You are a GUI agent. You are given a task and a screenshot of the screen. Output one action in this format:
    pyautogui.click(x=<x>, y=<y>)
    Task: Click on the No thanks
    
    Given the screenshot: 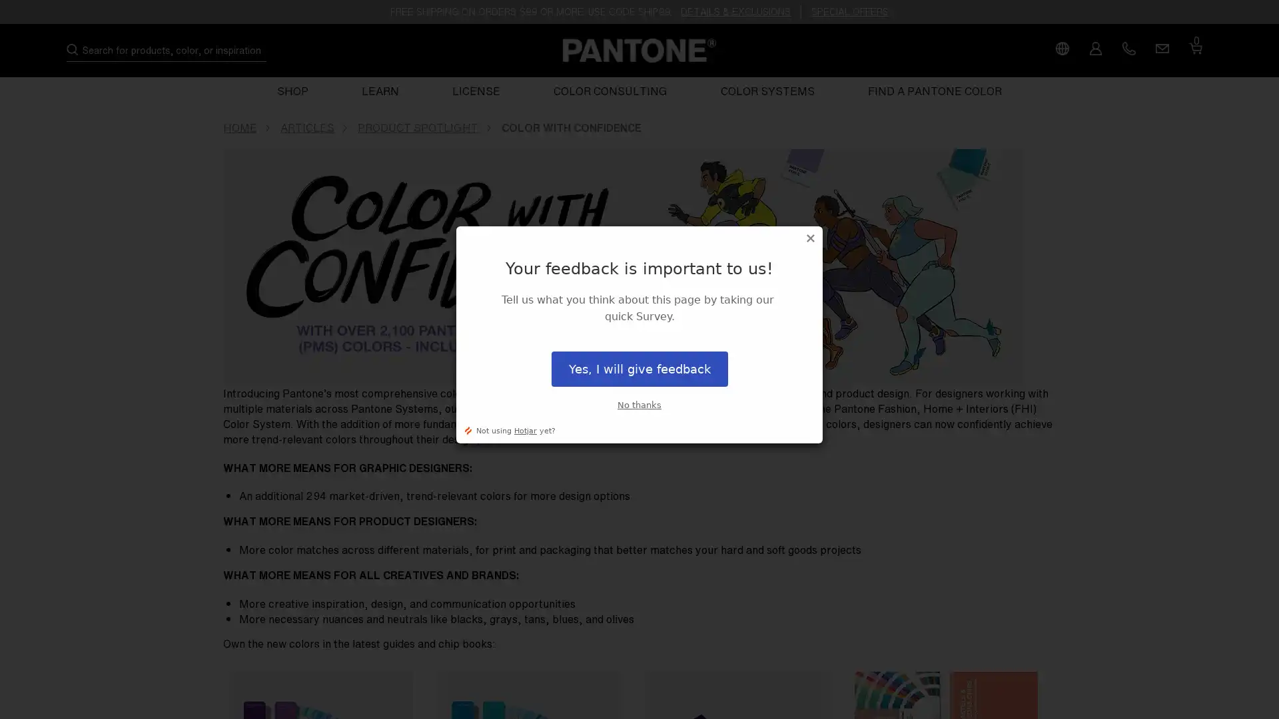 What is the action you would take?
    pyautogui.click(x=639, y=404)
    